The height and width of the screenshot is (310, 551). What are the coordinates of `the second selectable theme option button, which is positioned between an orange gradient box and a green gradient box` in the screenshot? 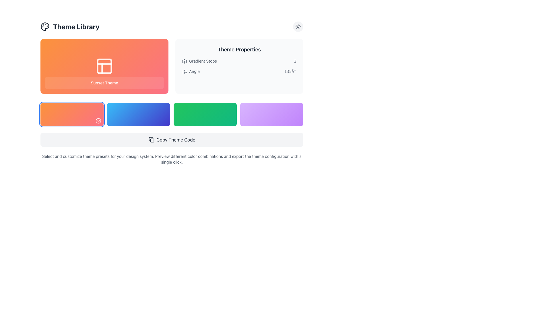 It's located at (139, 114).